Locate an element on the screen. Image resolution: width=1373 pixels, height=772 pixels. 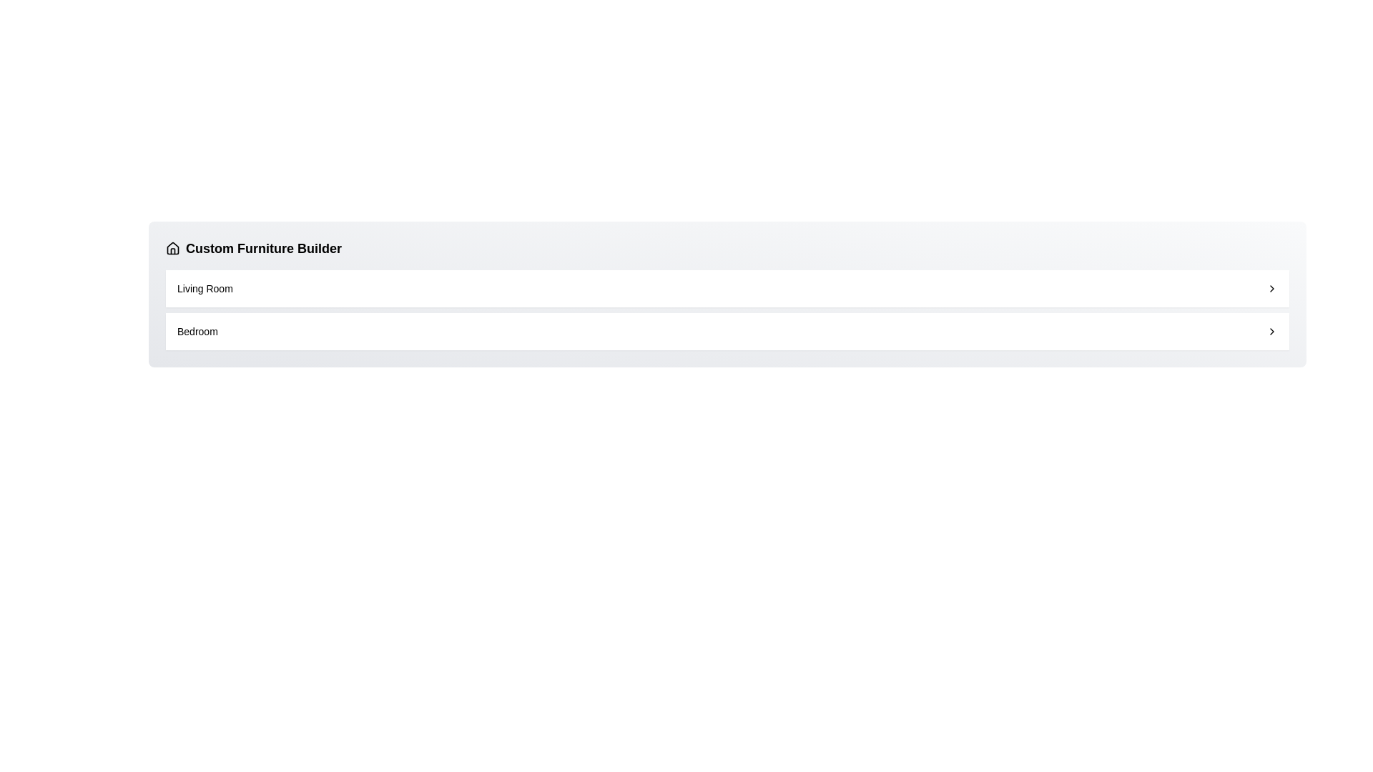
the second selectable option for the 'Bedroom' category in the custom furniture builder interface is located at coordinates (727, 331).